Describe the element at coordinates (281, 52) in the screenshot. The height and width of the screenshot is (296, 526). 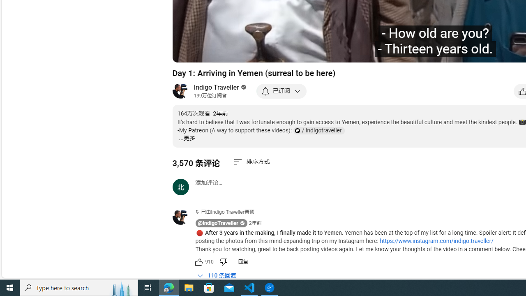
I see `'Intro'` at that location.